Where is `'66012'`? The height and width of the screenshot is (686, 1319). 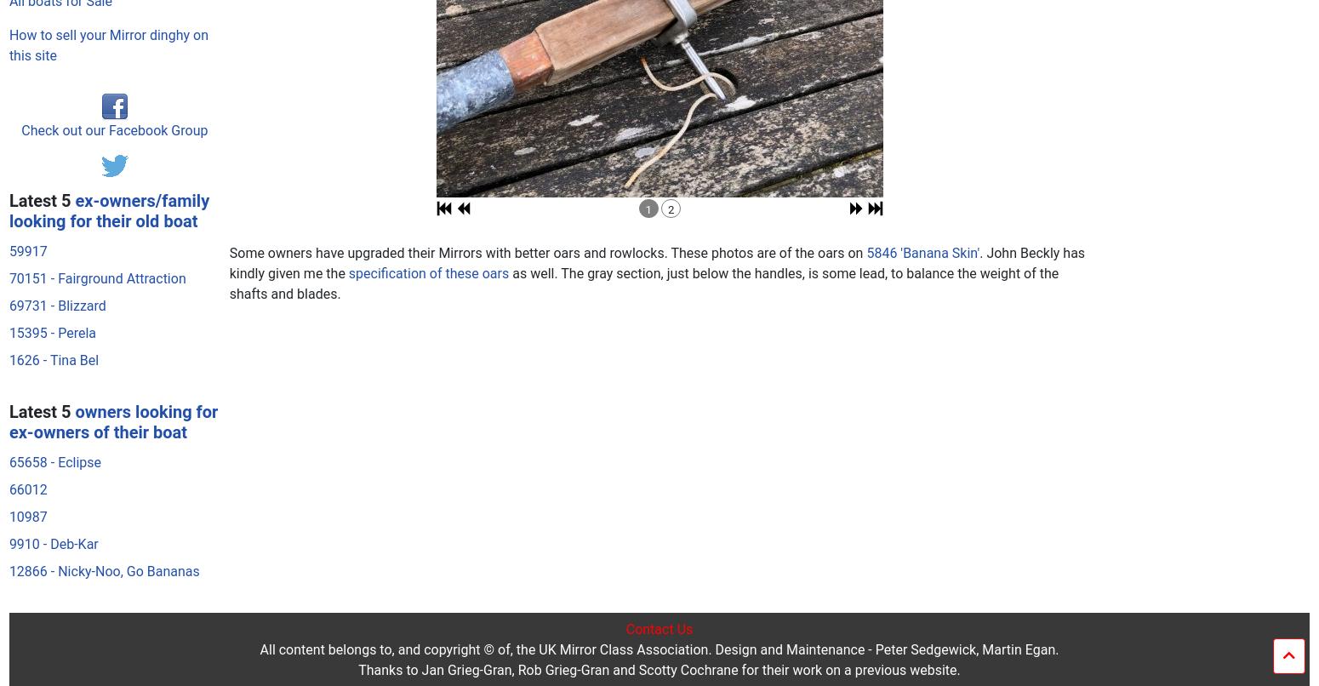
'66012' is located at coordinates (26, 159).